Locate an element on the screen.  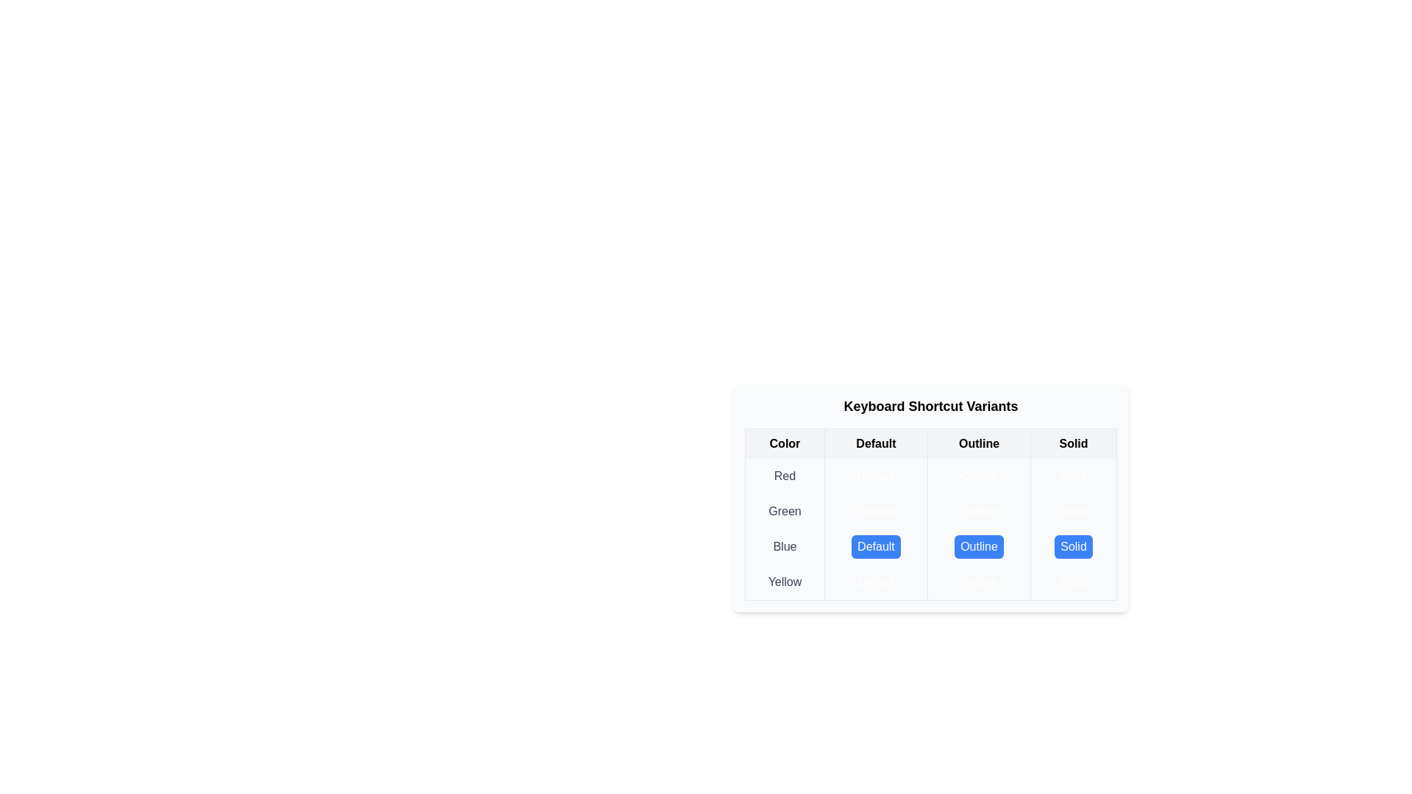
the table header with columns titled 'Color', 'Default', 'Outline', and 'Solid' via keyboard navigation is located at coordinates (930, 442).